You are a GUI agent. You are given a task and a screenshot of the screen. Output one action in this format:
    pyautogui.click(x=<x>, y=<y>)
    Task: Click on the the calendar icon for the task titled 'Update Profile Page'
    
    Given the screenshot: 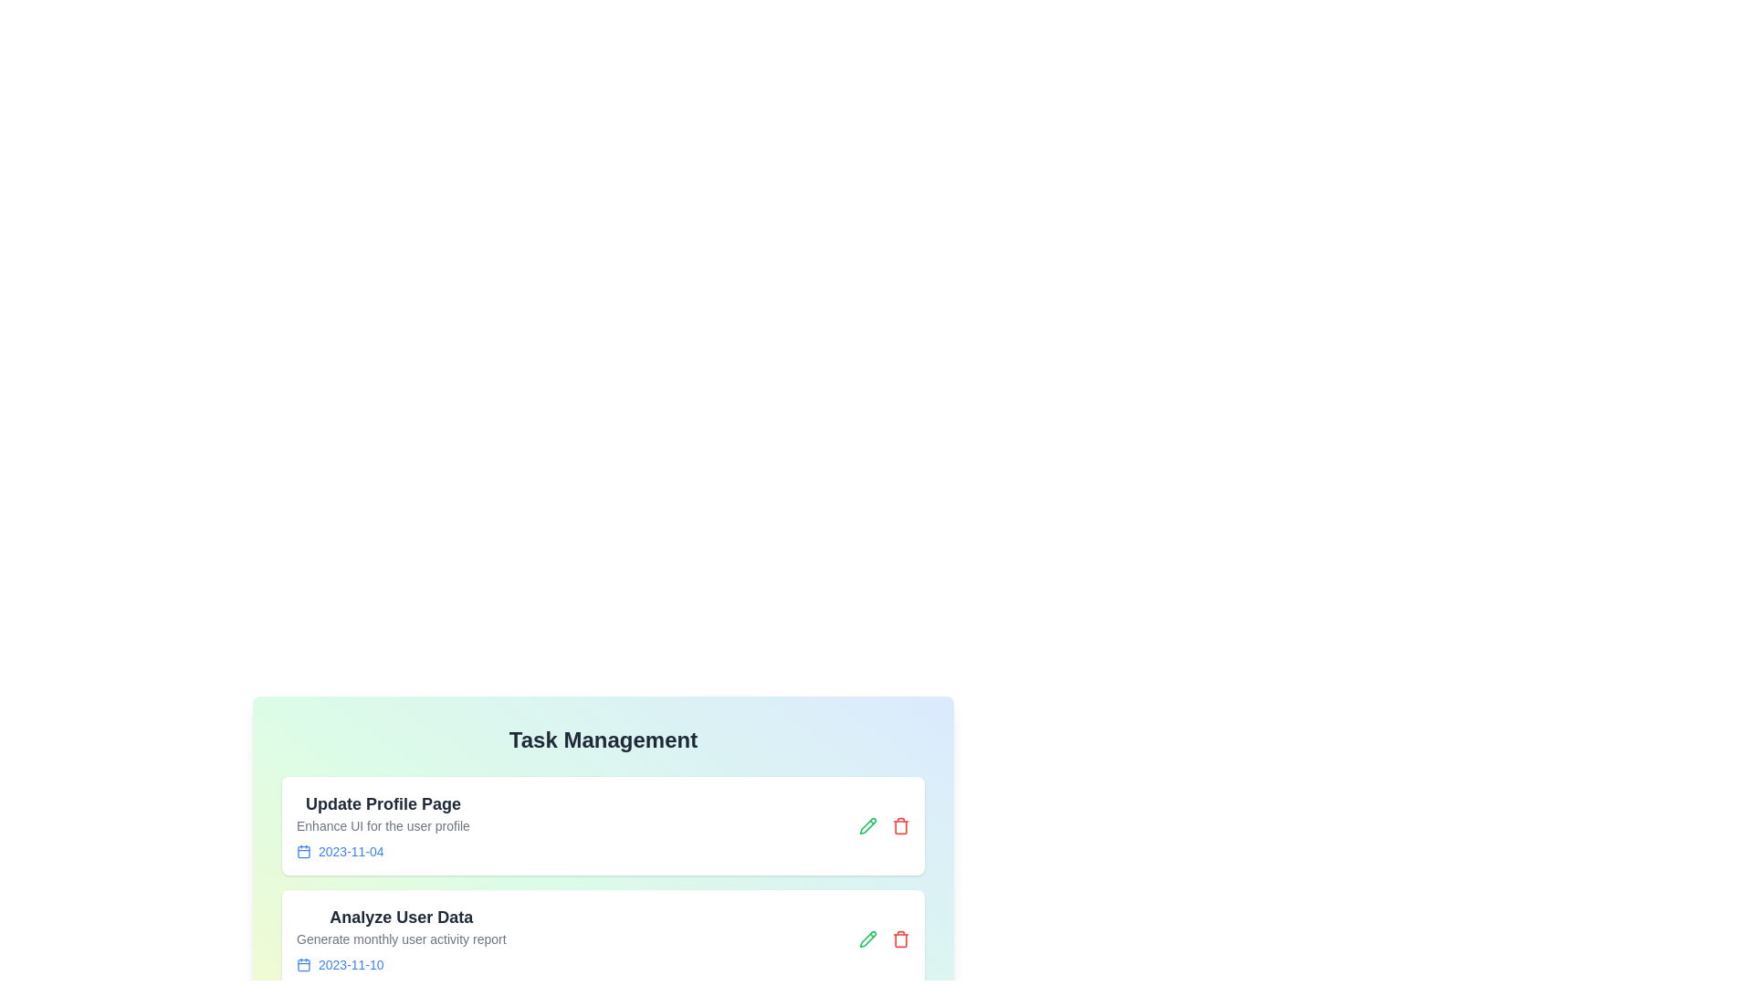 What is the action you would take?
    pyautogui.click(x=303, y=852)
    